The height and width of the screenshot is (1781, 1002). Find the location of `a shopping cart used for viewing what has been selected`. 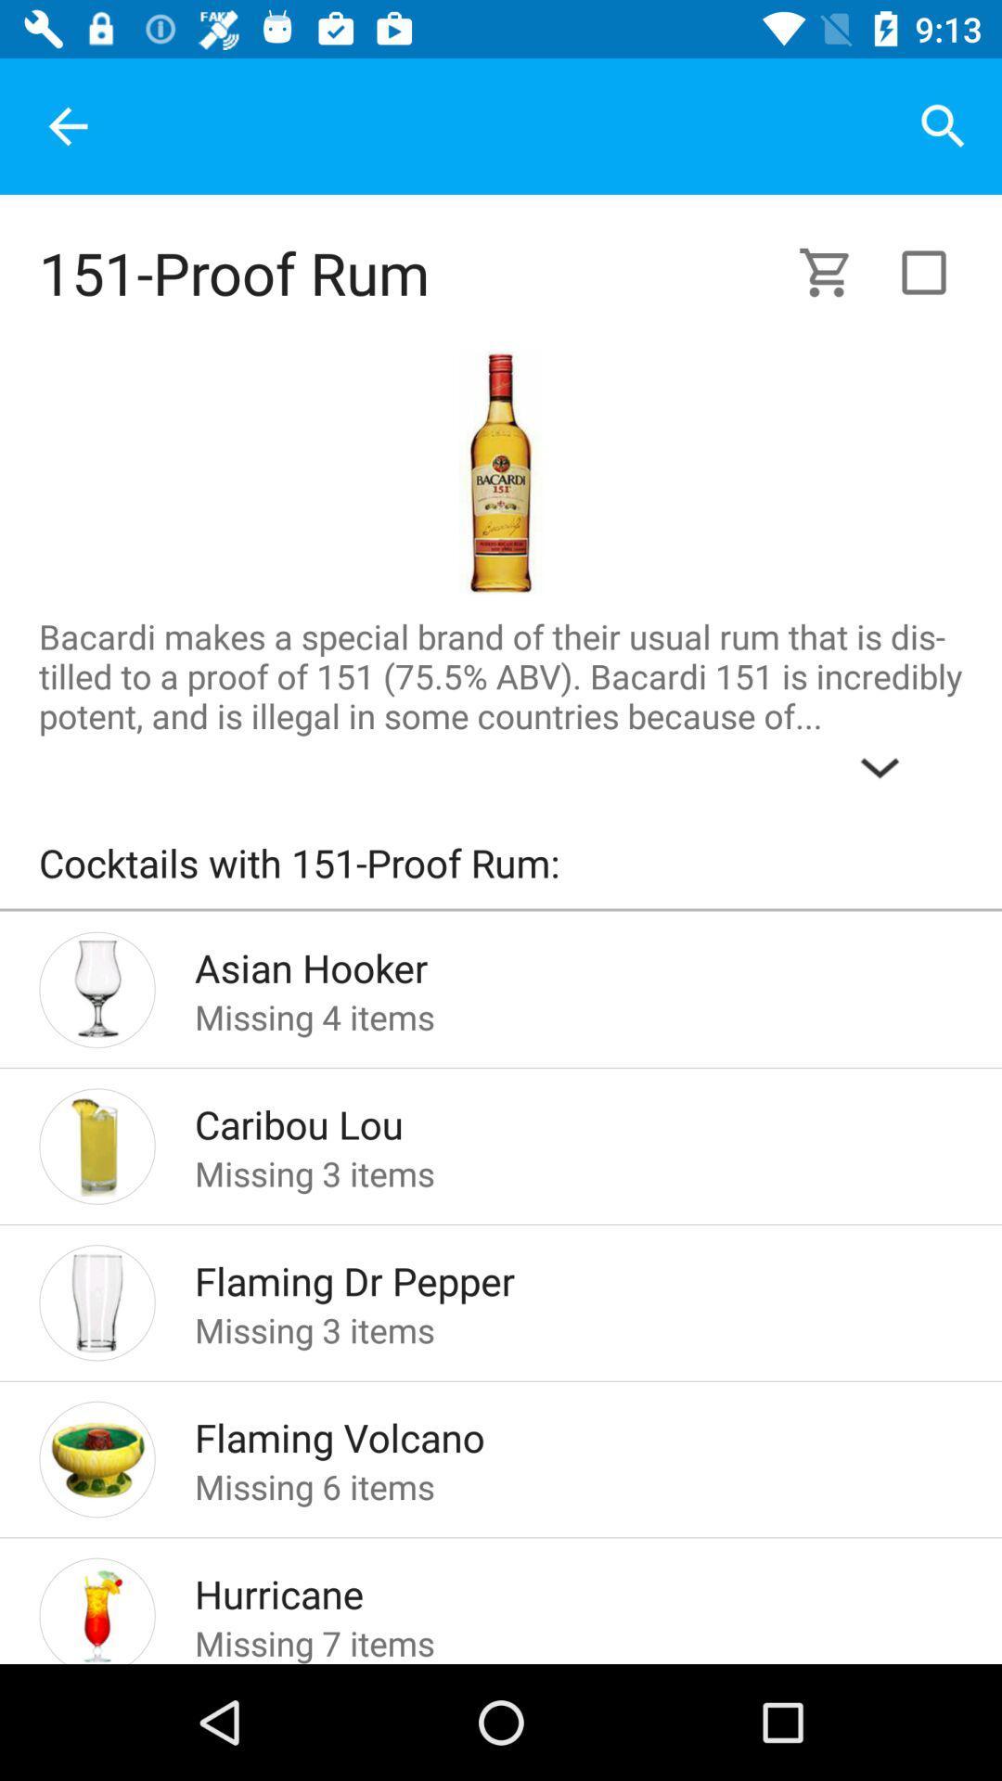

a shopping cart used for viewing what has been selected is located at coordinates (836, 271).